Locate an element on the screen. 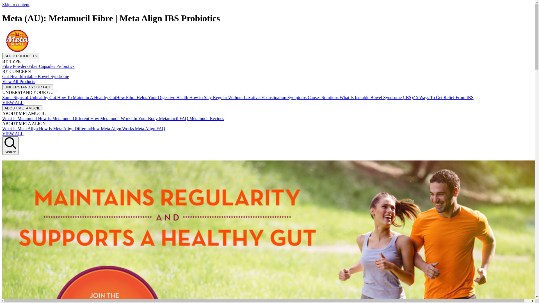 The image size is (539, 303). 'ABOUT METAMUCIL' is located at coordinates (22, 108).